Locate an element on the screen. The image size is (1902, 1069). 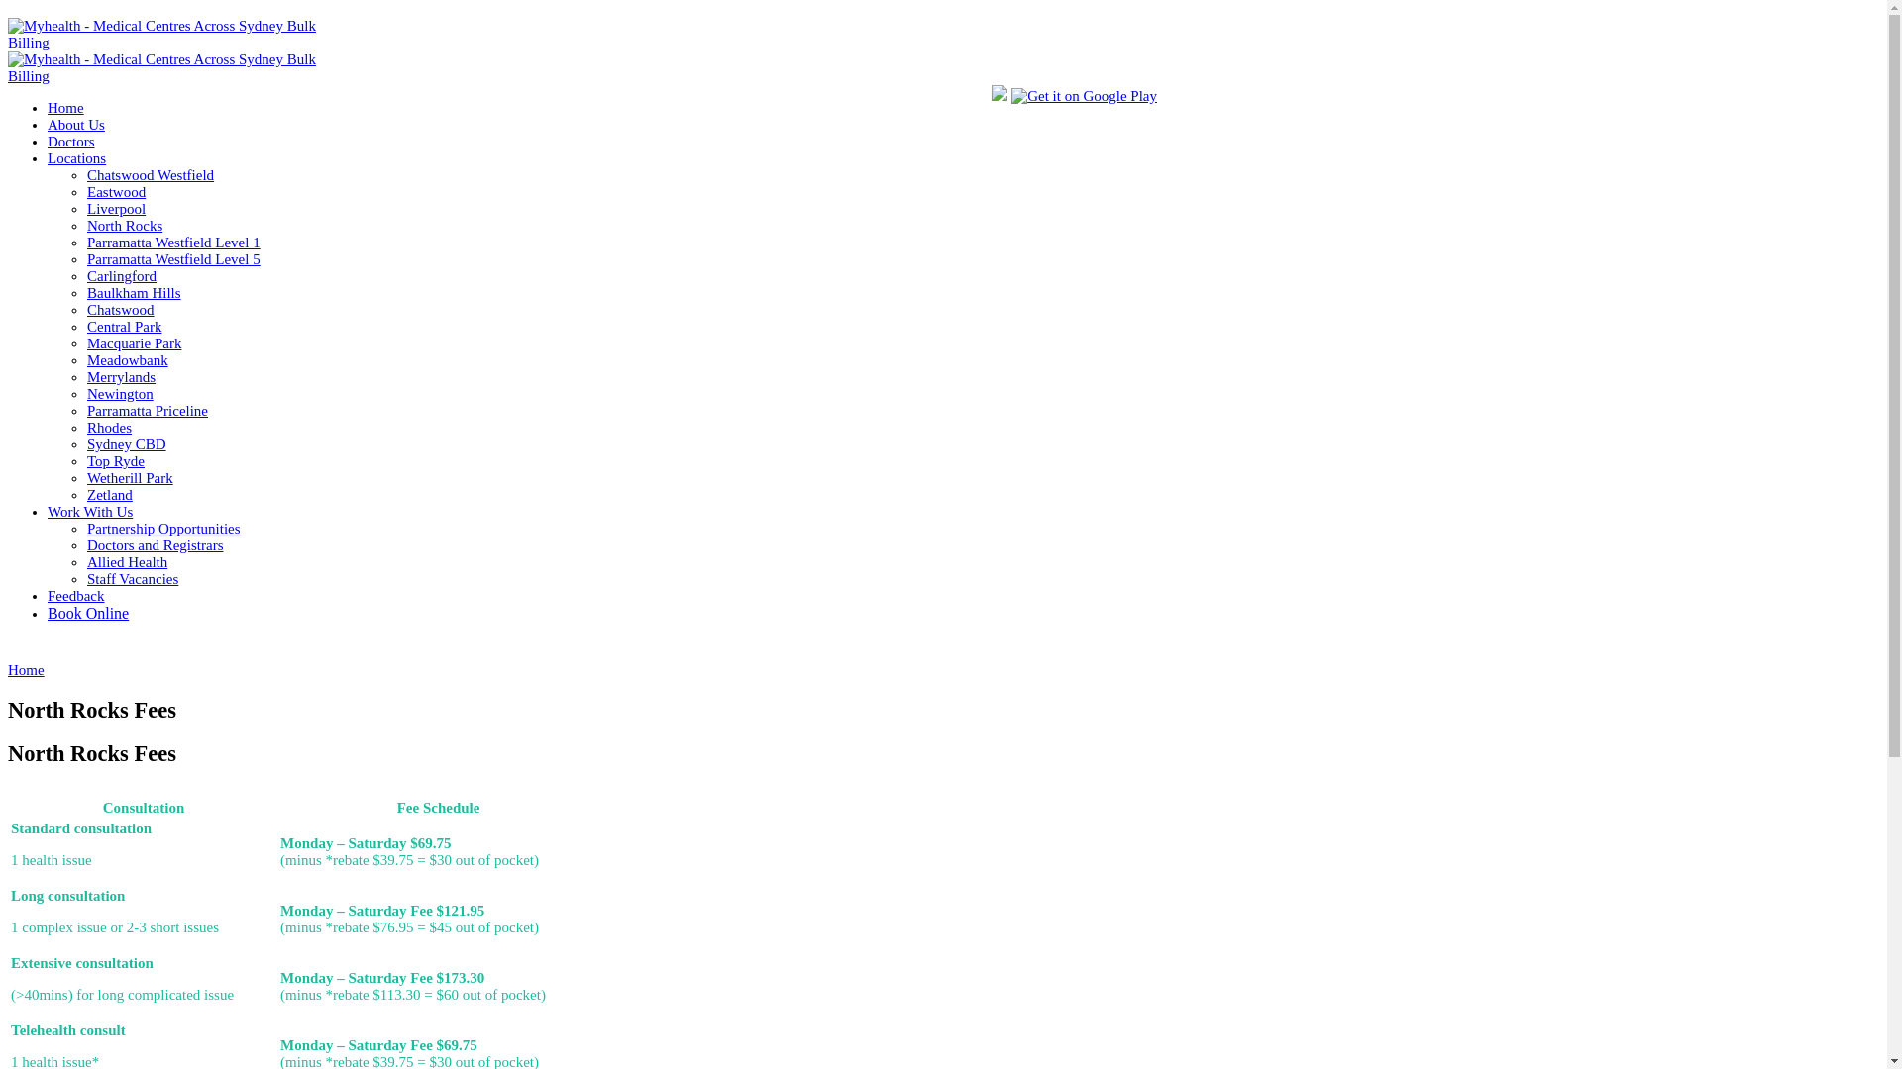
'Top Ryde' is located at coordinates (85, 461).